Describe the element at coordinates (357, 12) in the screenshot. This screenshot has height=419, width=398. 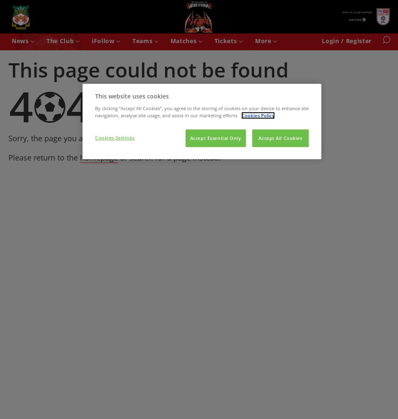
I see `'Official club partner'` at that location.